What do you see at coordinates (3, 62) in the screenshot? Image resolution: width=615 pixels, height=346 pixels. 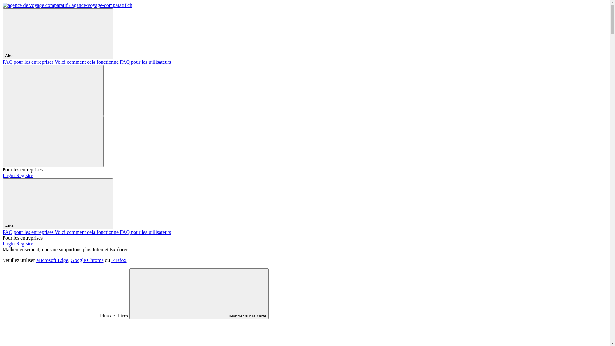 I see `'FAQ pour les entreprises'` at bounding box center [3, 62].